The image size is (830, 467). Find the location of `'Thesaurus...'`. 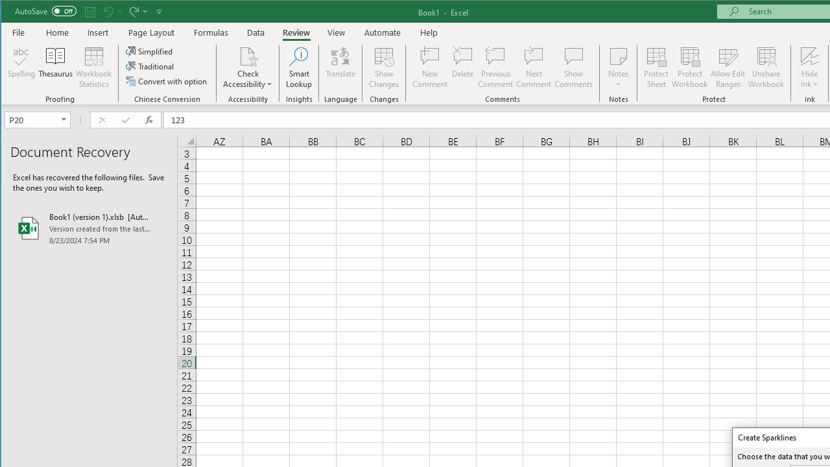

'Thesaurus...' is located at coordinates (55, 67).